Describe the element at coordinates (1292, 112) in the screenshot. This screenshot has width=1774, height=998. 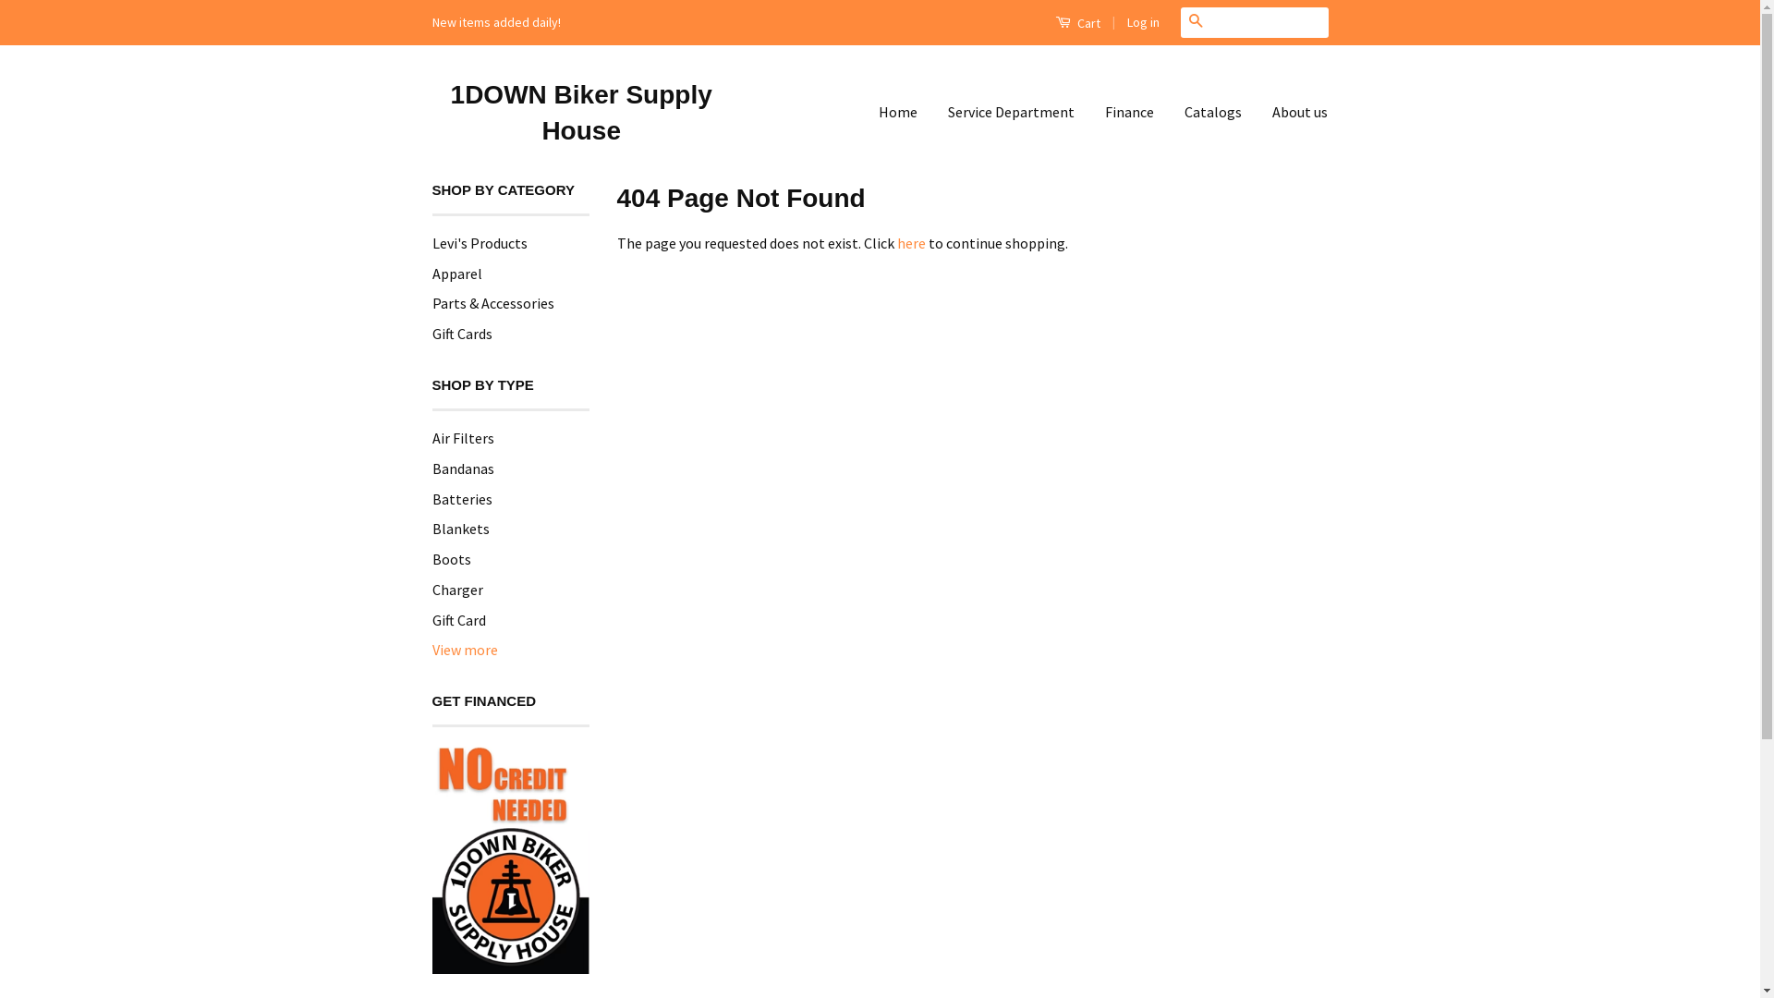
I see `'About us'` at that location.